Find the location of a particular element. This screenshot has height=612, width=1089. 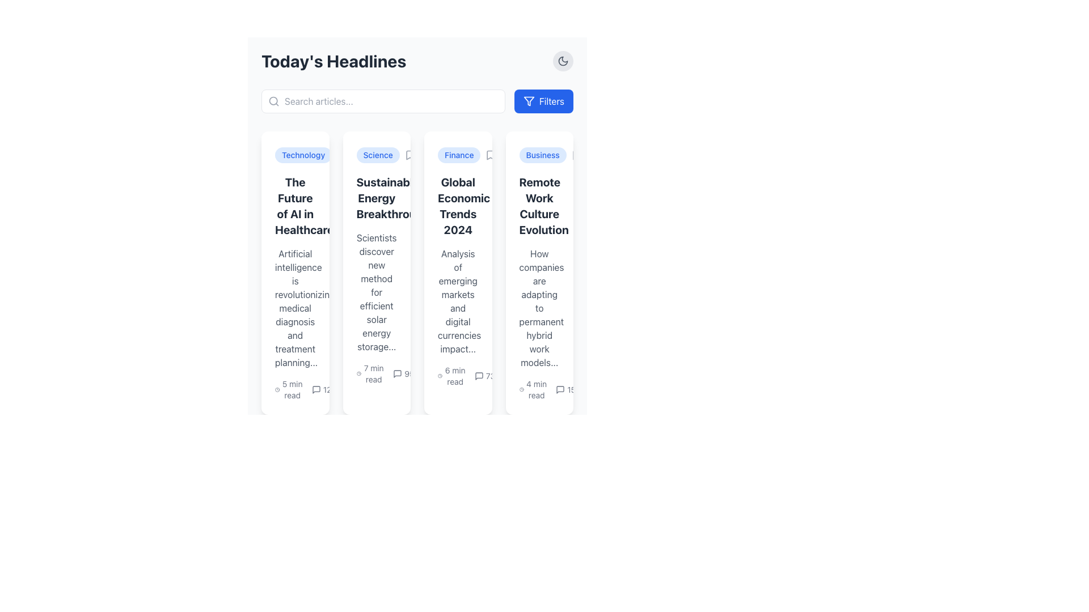

the horizontal layout containing a clock icon with '5 min read' on the left and a message bubble icon with '128' on the right, located beneath the first article card titled 'The Future of AI in Healthcare' is located at coordinates (306, 389).